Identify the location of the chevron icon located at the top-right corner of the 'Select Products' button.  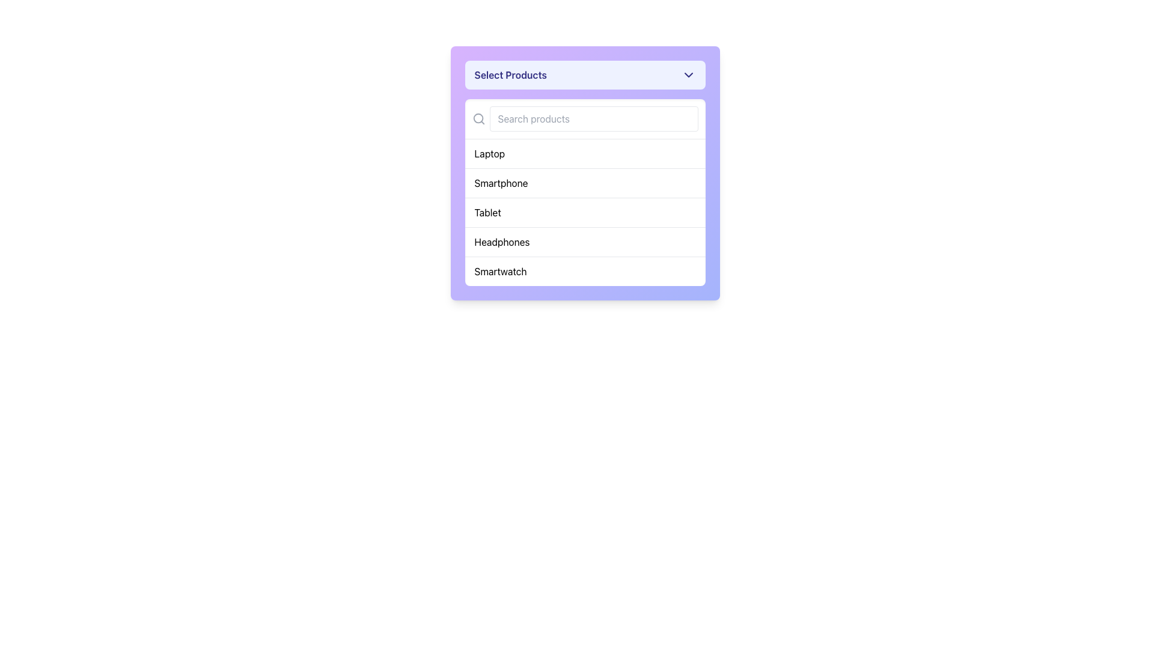
(688, 75).